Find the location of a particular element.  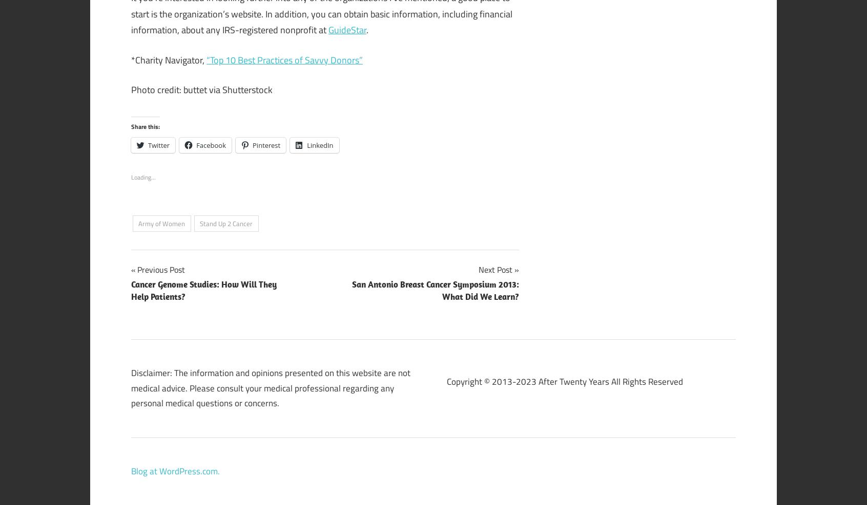

'Loading...' is located at coordinates (131, 176).